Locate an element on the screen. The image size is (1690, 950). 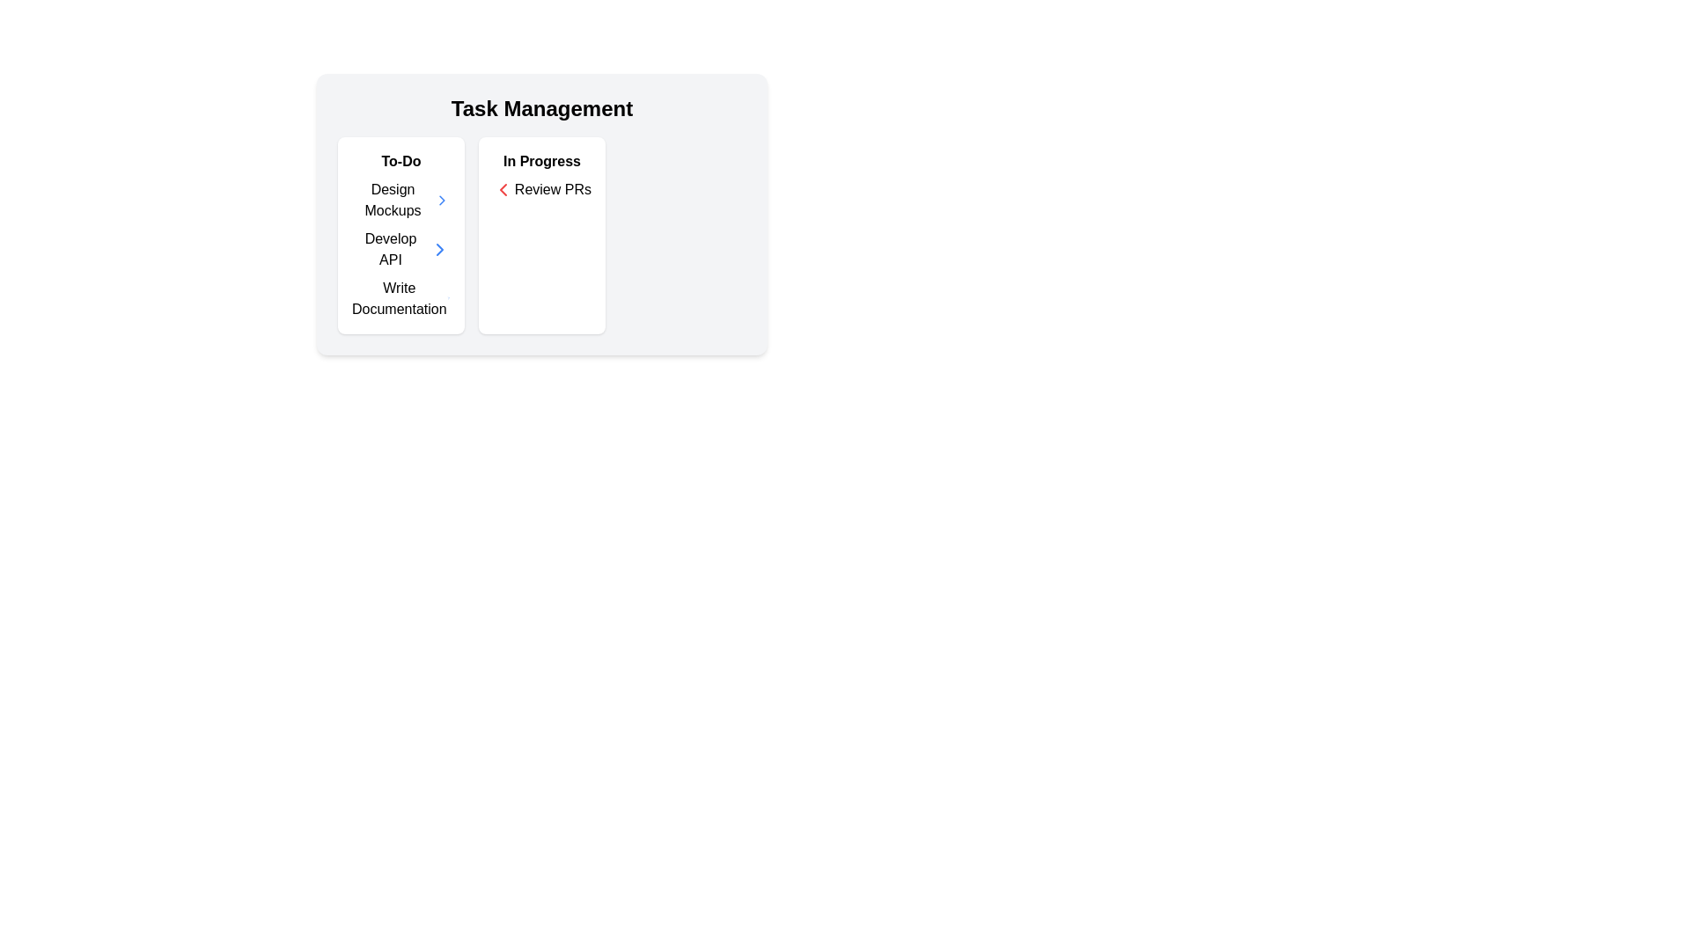
the 'Review PRs' text label, which serves as a title or descriptor for tasks in the 'Task Management' interface is located at coordinates (552, 190).